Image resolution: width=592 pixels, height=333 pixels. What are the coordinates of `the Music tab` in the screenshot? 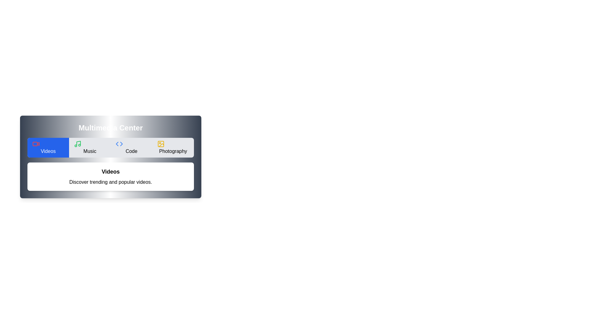 It's located at (89, 147).